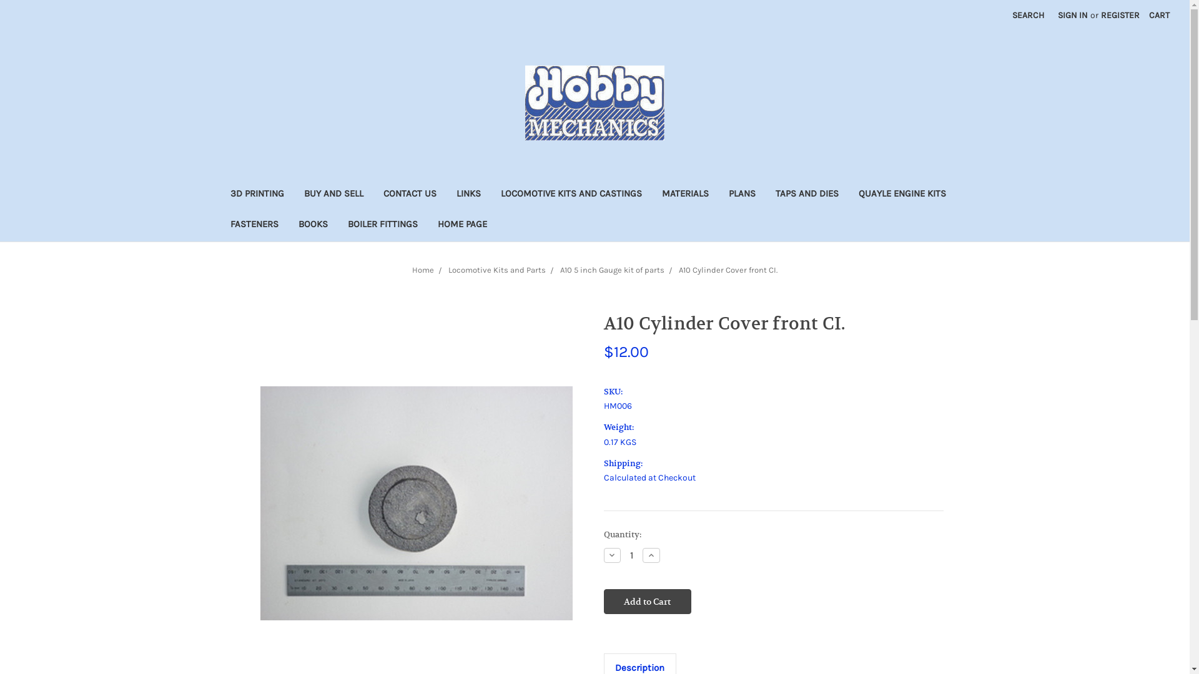  I want to click on 'QUAYLE ENGINE KITS', so click(902, 195).